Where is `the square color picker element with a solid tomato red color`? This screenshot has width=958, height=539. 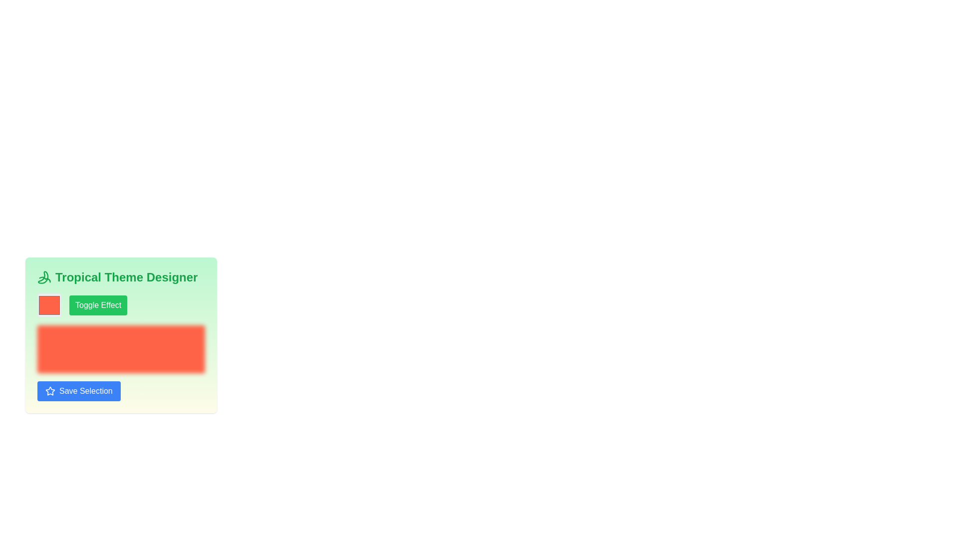 the square color picker element with a solid tomato red color is located at coordinates (49, 305).